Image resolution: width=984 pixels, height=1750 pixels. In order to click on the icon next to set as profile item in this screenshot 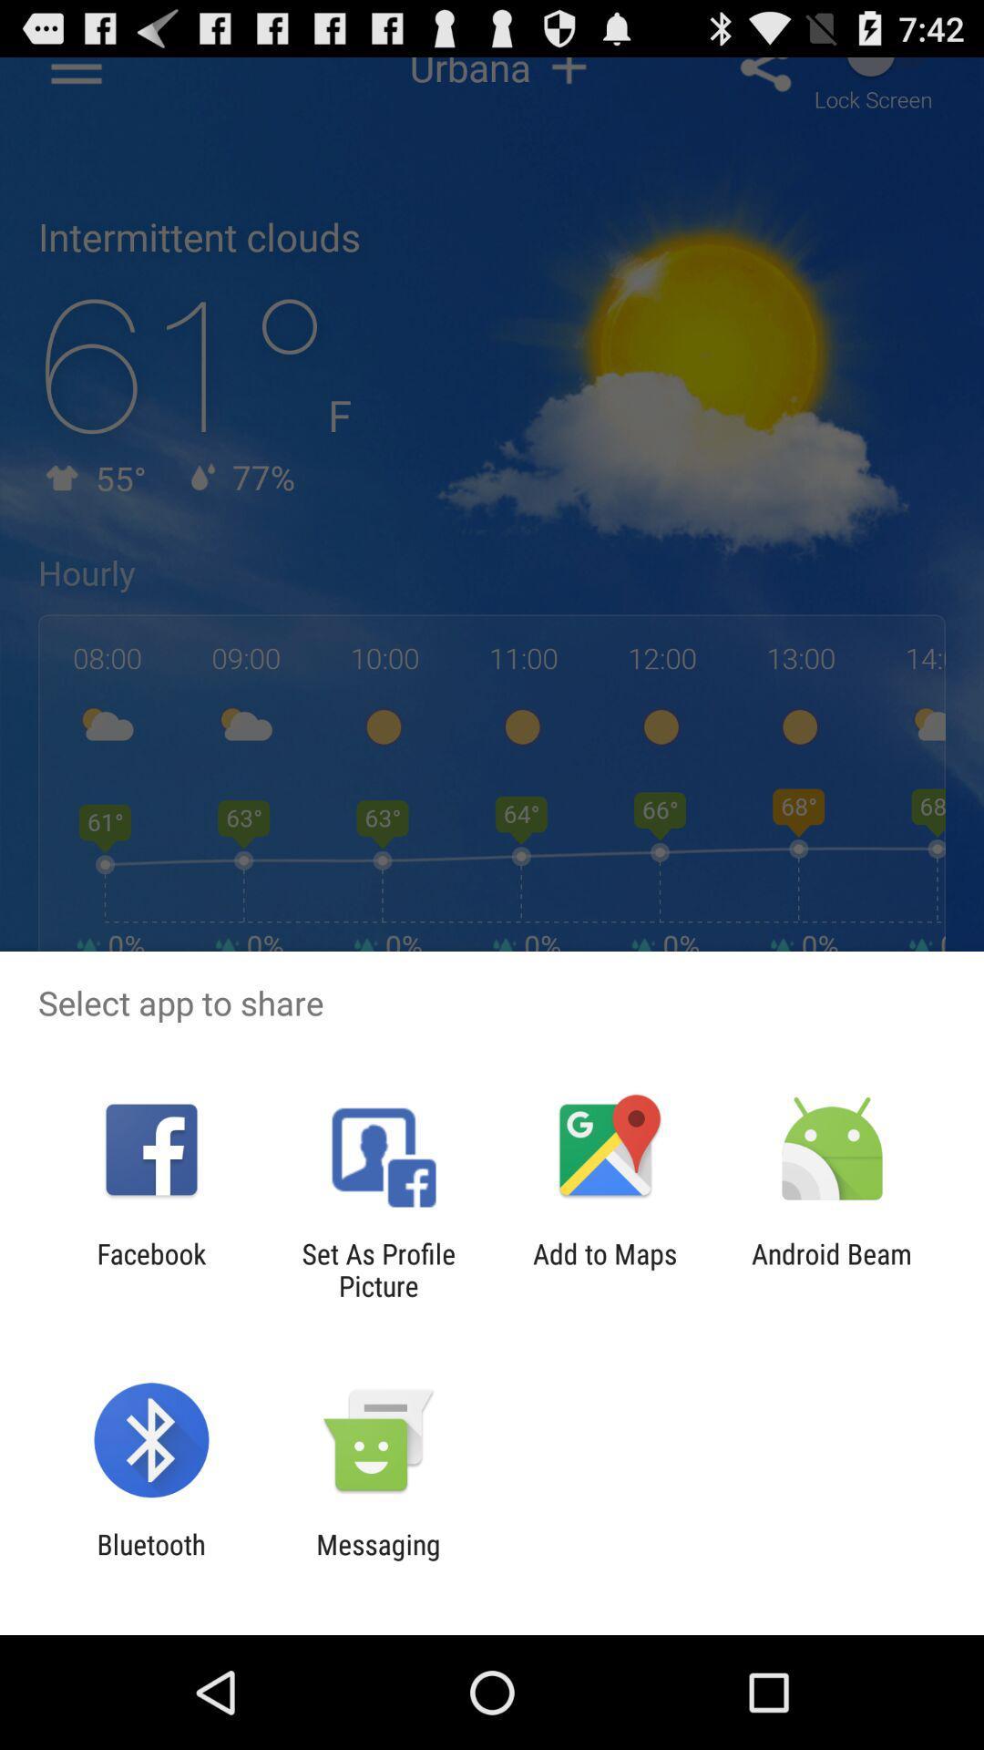, I will do `click(605, 1269)`.